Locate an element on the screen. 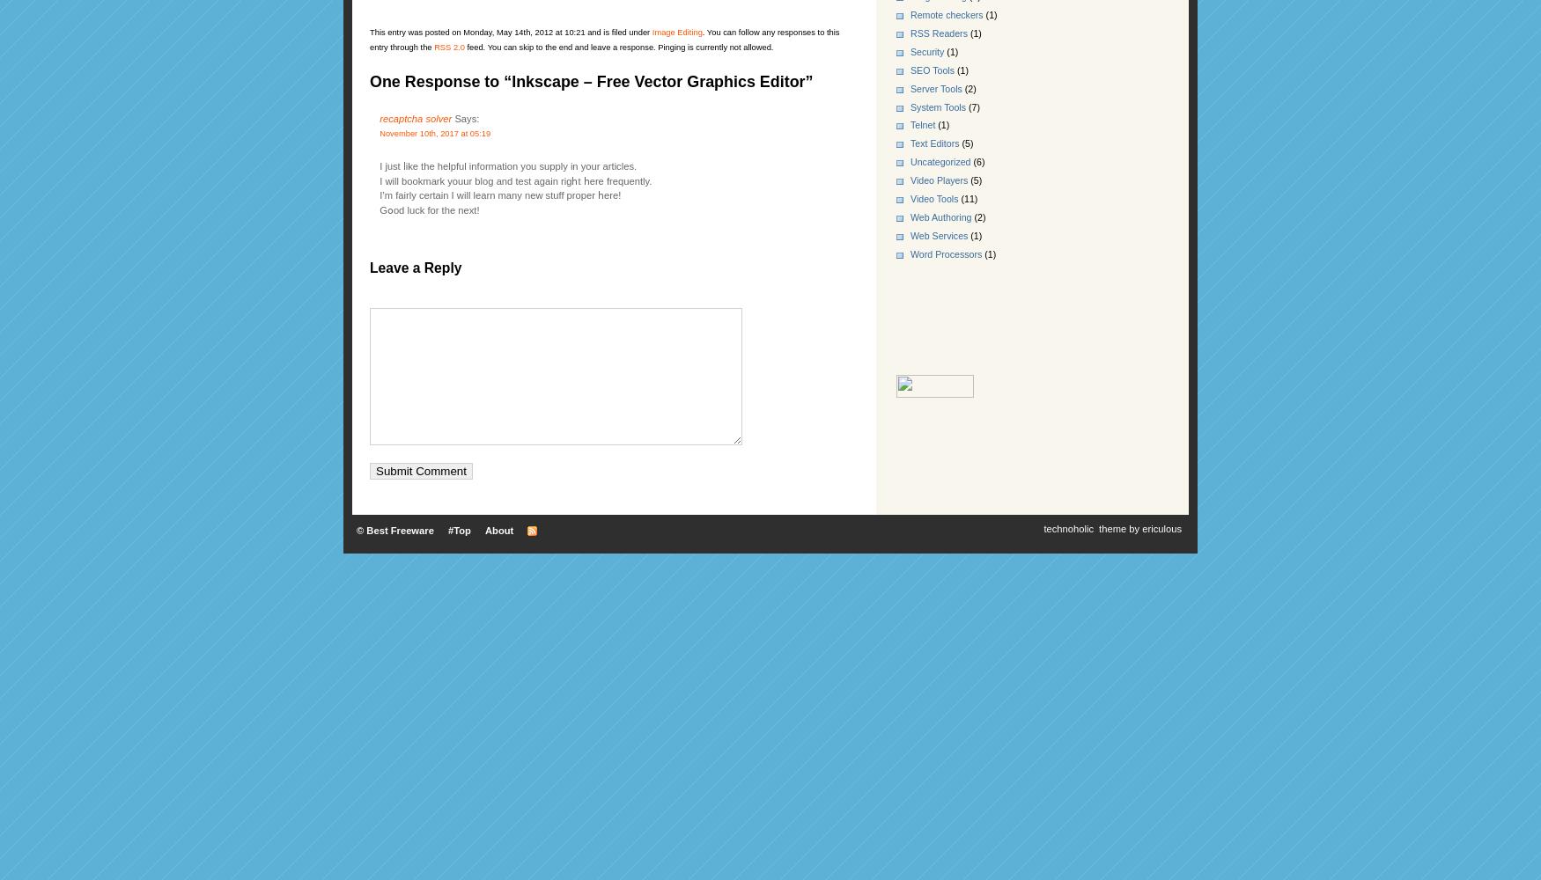  'Web Authoring' is located at coordinates (910, 216).